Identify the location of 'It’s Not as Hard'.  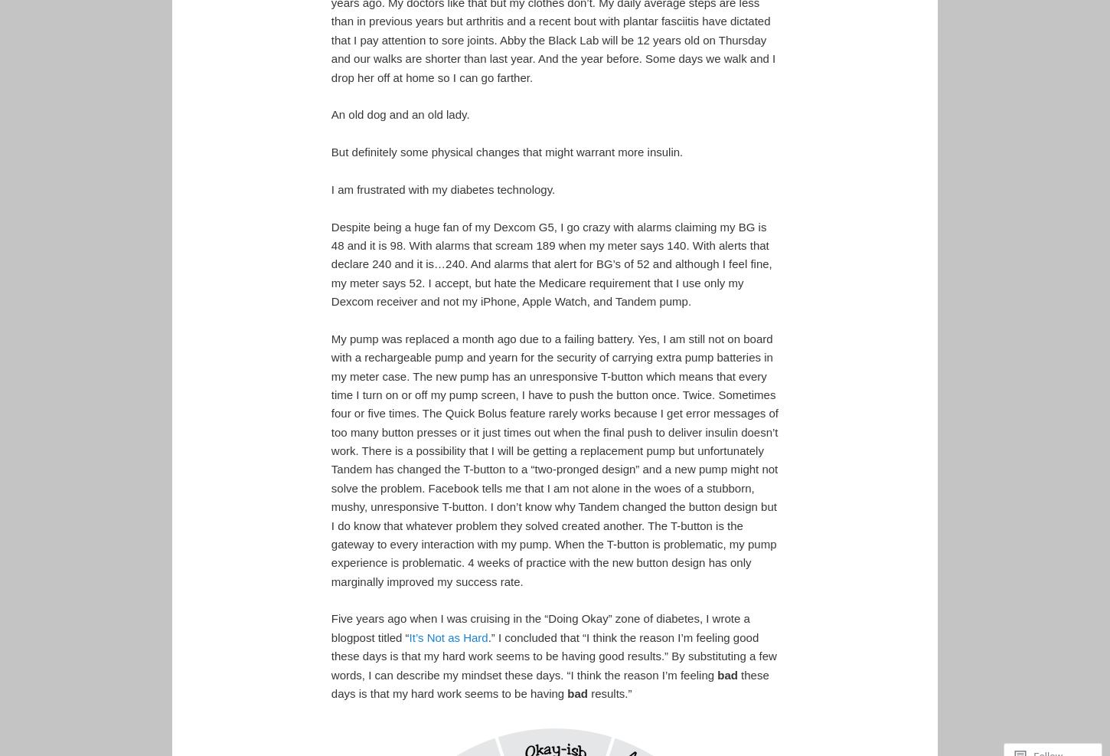
(409, 637).